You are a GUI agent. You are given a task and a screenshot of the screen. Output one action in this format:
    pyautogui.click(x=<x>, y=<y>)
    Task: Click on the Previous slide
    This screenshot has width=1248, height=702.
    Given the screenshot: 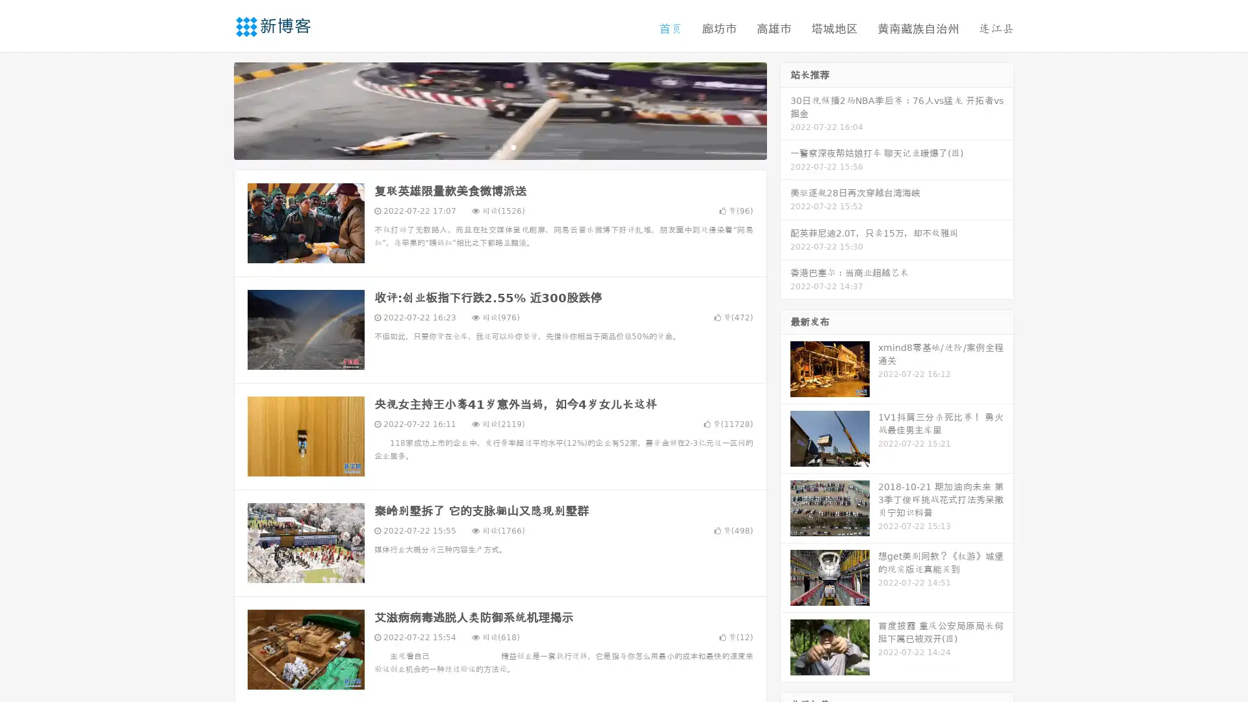 What is the action you would take?
    pyautogui.click(x=214, y=109)
    